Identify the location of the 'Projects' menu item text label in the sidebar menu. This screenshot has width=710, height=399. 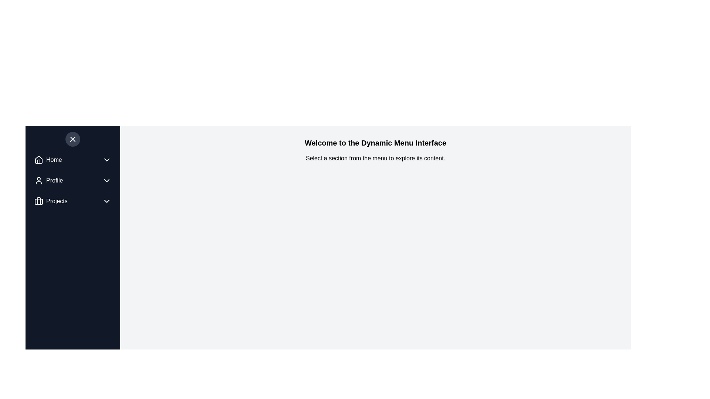
(56, 201).